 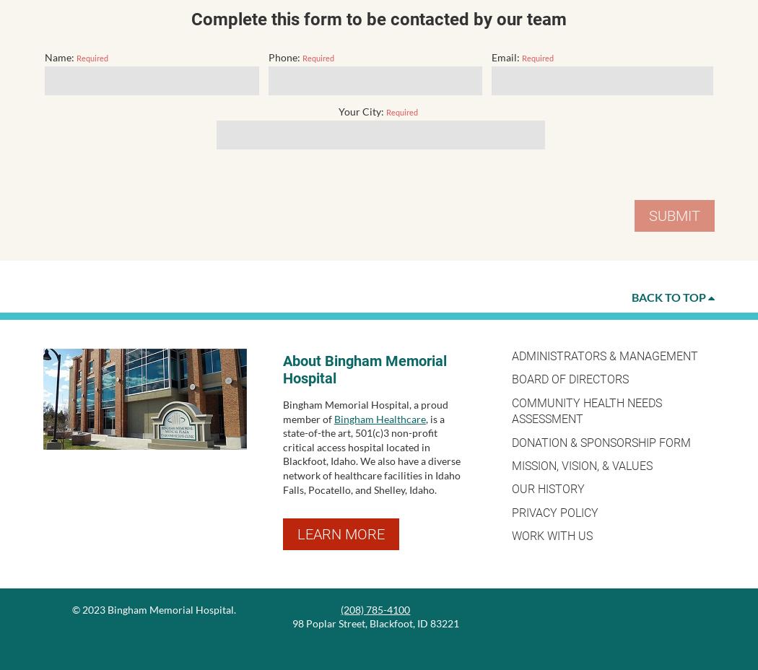 I want to click on '98 Poplar Street, Blackfoot, ID 83221', so click(x=292, y=623).